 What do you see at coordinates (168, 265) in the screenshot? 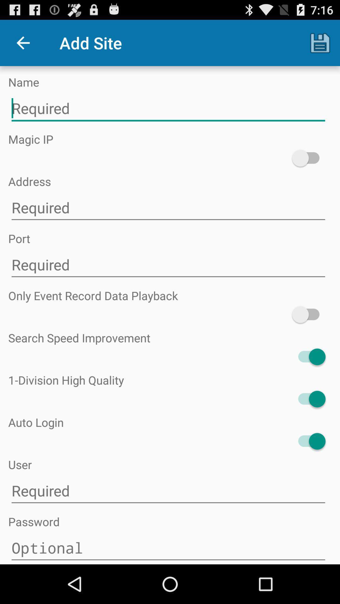
I see `line to enter your port number` at bounding box center [168, 265].